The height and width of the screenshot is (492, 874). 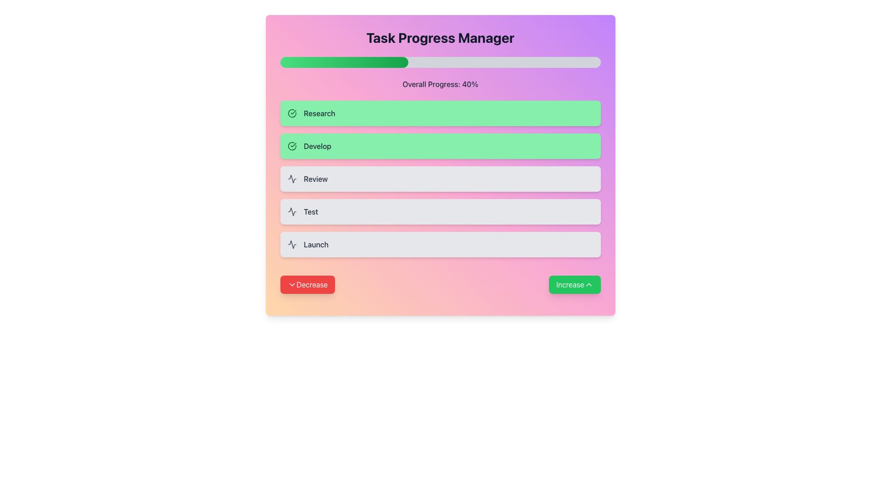 I want to click on the 'Review' phase in the task progression tracker if it is interactive, so click(x=440, y=179).